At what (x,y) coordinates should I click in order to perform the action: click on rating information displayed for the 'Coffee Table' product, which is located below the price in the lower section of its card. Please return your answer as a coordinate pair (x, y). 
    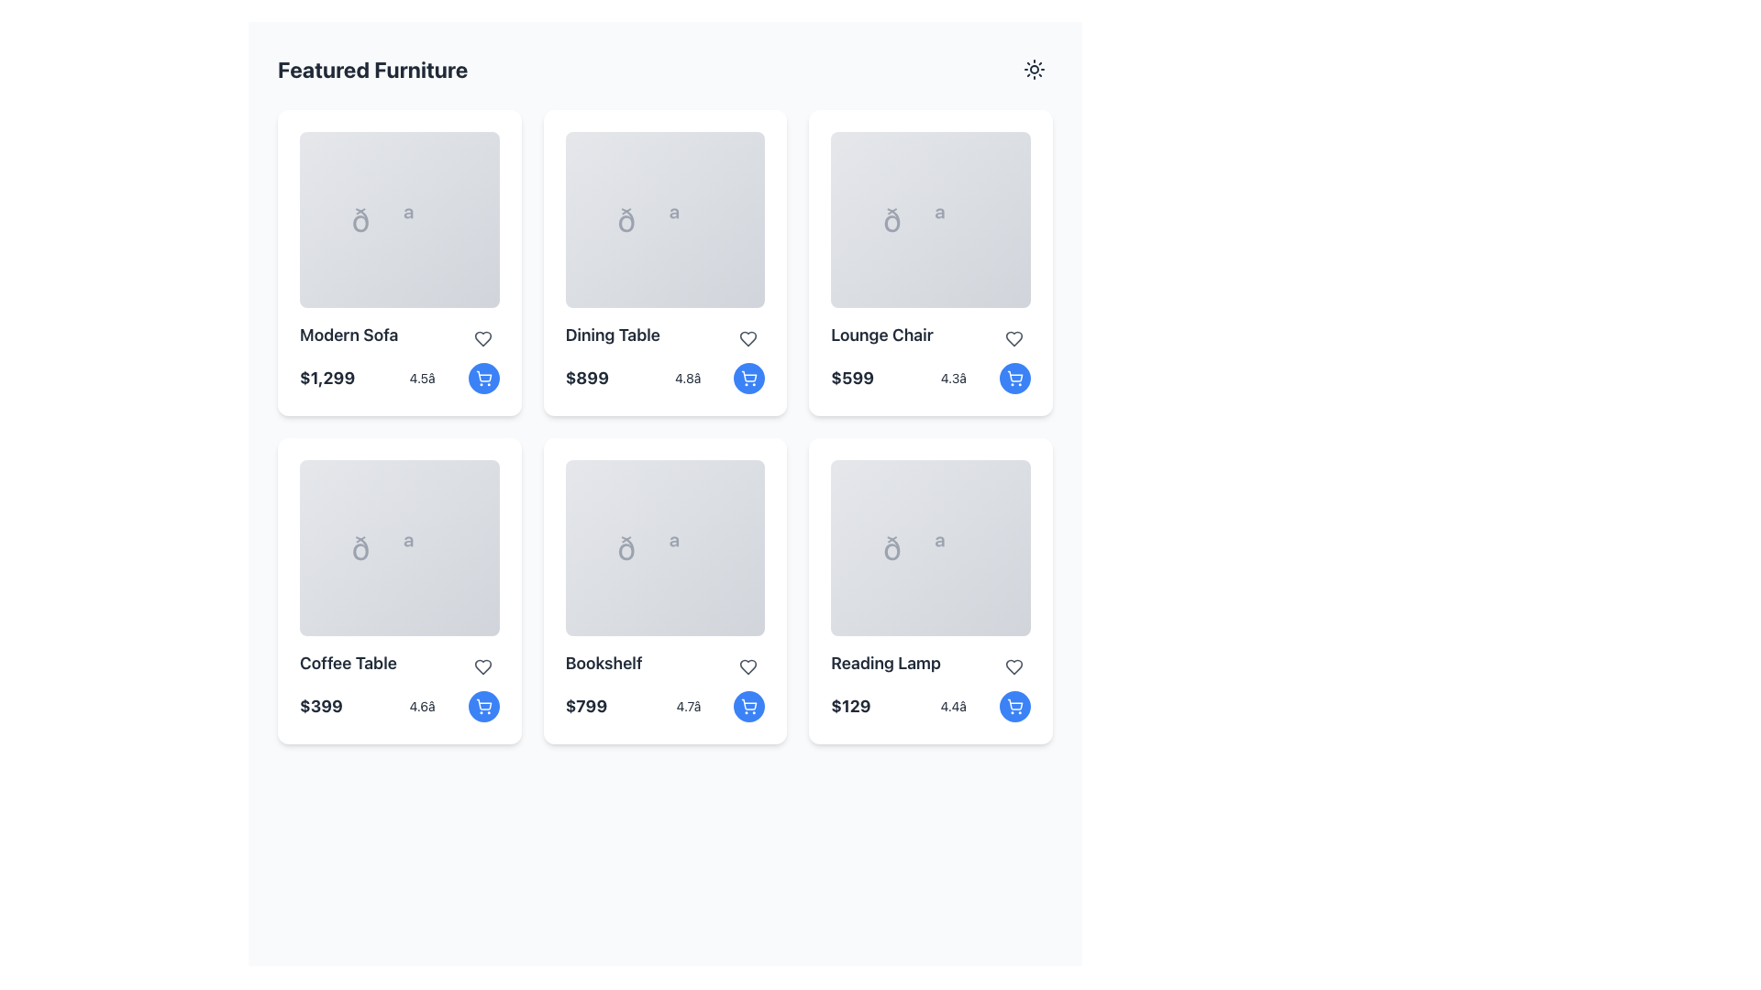
    Looking at the image, I should click on (434, 706).